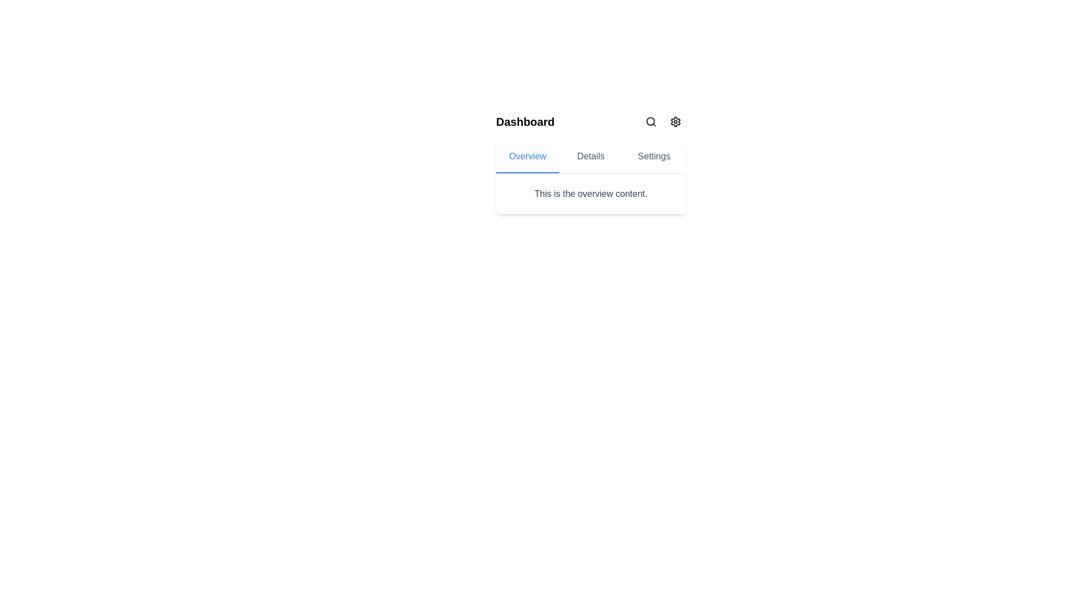 Image resolution: width=1074 pixels, height=604 pixels. What do you see at coordinates (675, 122) in the screenshot?
I see `the settings icon button located in the top-right of the interface, immediately to the right of the search icon` at bounding box center [675, 122].